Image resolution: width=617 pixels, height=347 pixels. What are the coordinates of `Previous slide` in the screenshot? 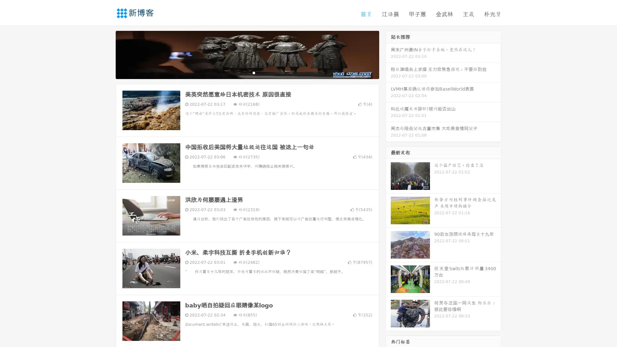 It's located at (106, 54).